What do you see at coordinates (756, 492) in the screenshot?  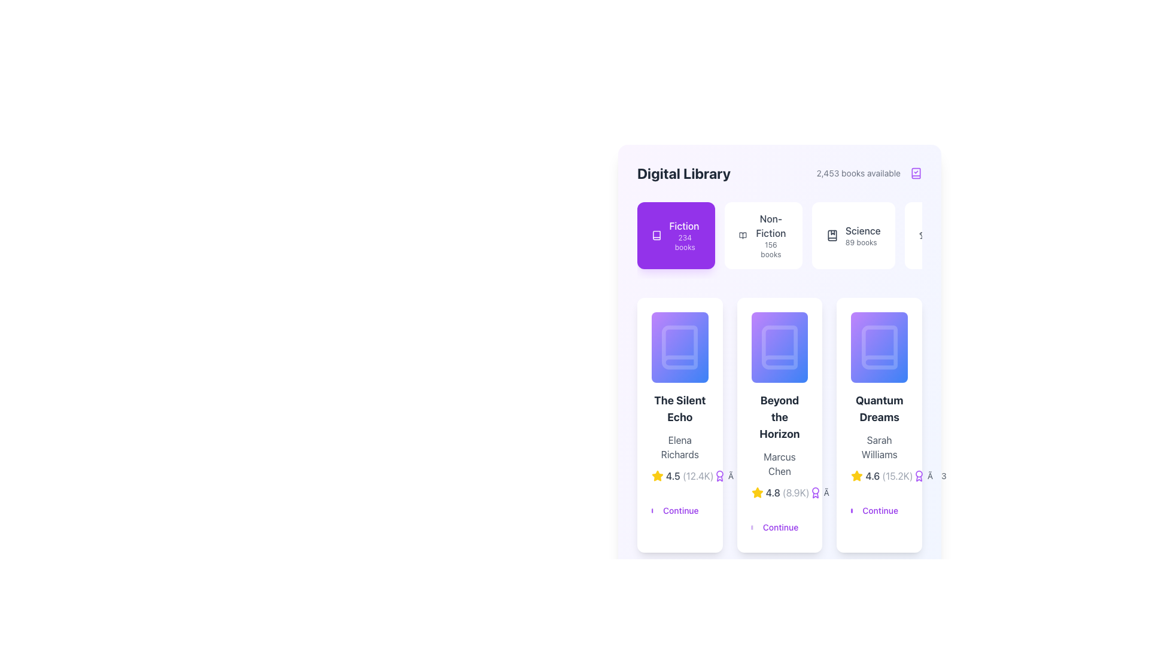 I see `the star icon representing the rating system for 'Beyond the Horizon', located directly under the book thumbnail` at bounding box center [756, 492].